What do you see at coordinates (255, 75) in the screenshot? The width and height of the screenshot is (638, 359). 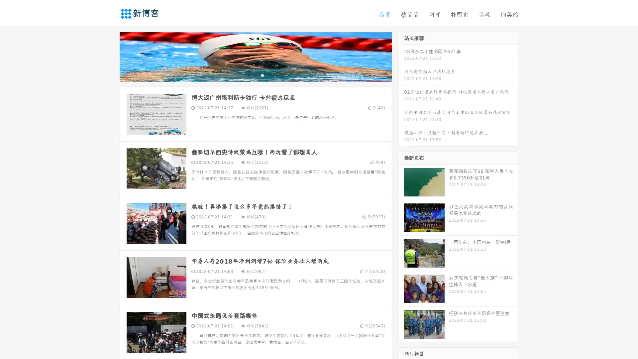 I see `Go to slide 2` at bounding box center [255, 75].